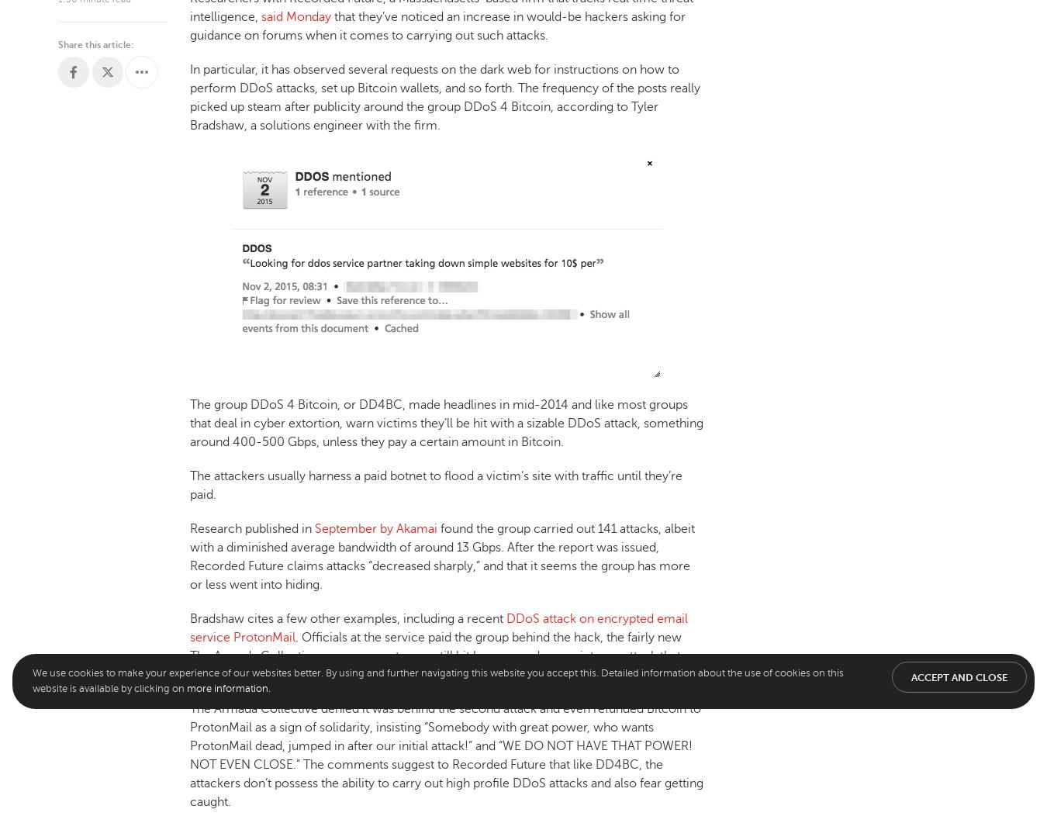 The height and width of the screenshot is (830, 1047). Describe the element at coordinates (447, 753) in the screenshot. I see `'The Armada Collective denied it was behind the second attack and even refunded Bitcoin to ProtonMail as a sign of solidarity, insisting “Somebody with great power, who wants ProtonMail dead, jumped in after our initial attack!” and “WE DO NOT HAVE THAT POWER! NOT EVEN CLOSE.” The comments suggest to Recorded Future that like DD4BC, the attackers don’t possess the ability to carry out high profile DDoS attacks and also fear getting caught.'` at that location.